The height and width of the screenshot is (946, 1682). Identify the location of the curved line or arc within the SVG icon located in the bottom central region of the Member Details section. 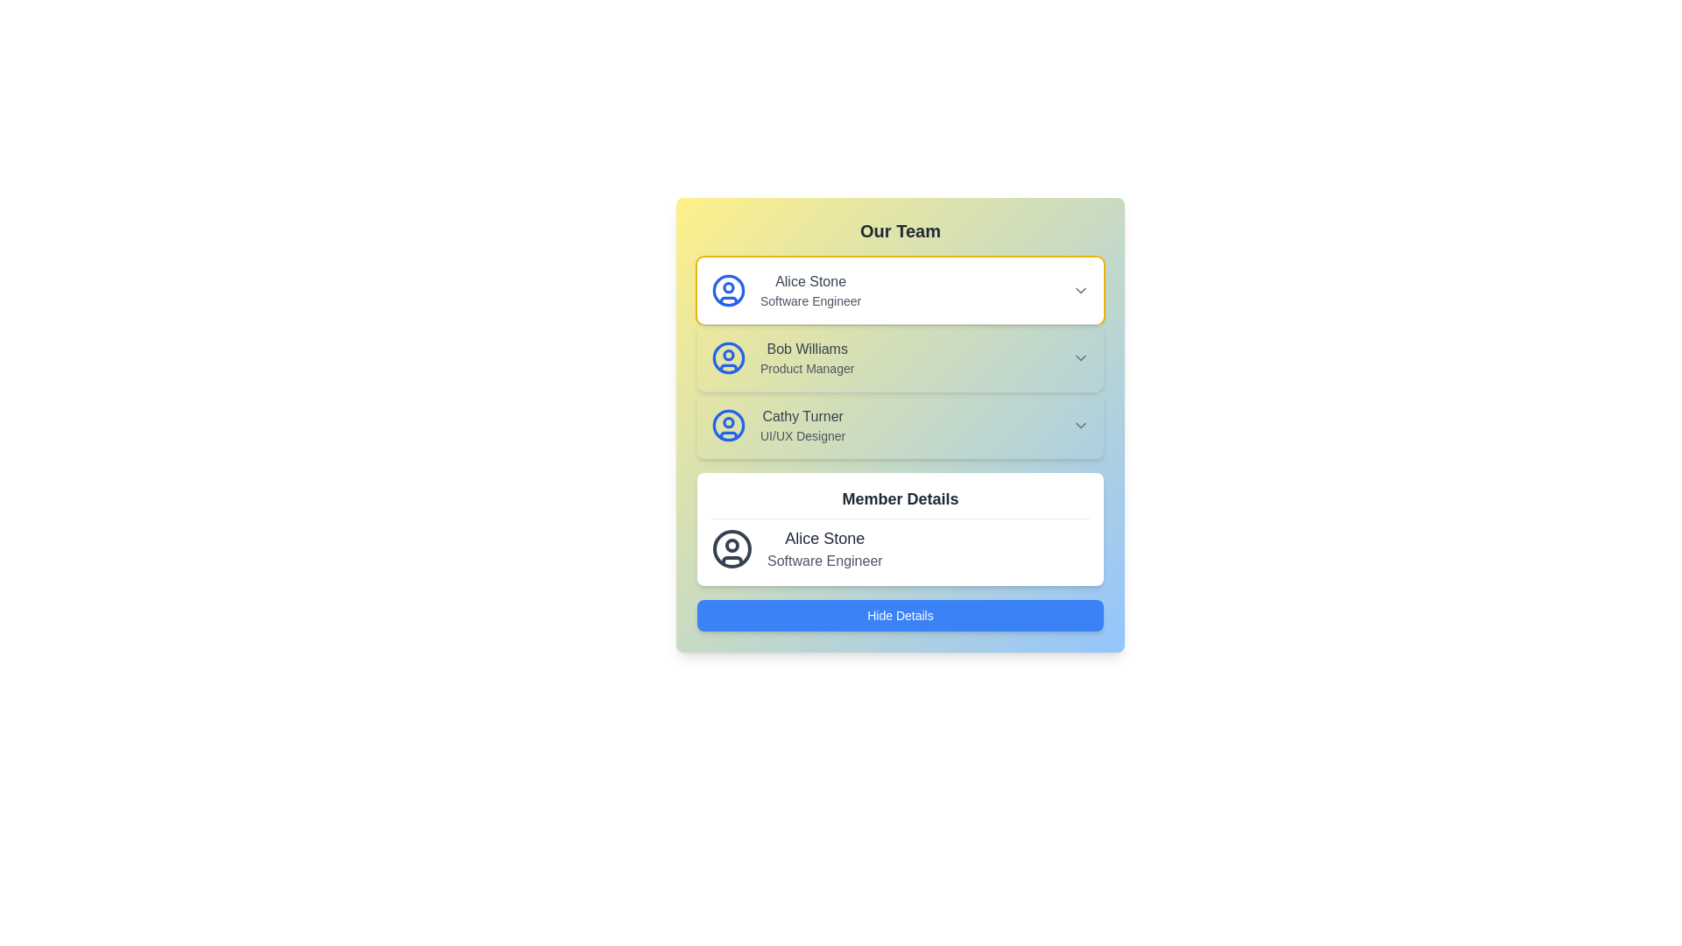
(731, 561).